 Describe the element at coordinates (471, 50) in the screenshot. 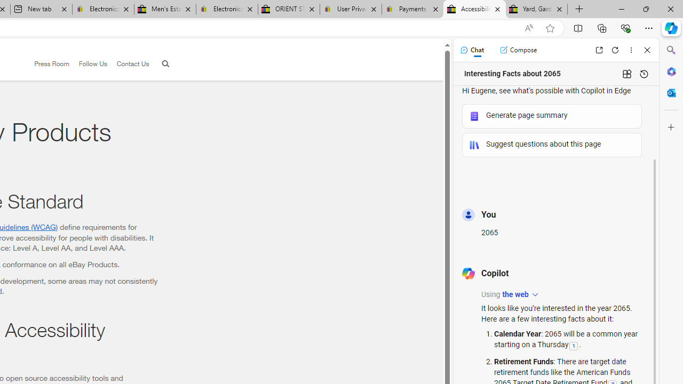

I see `'Chat'` at that location.